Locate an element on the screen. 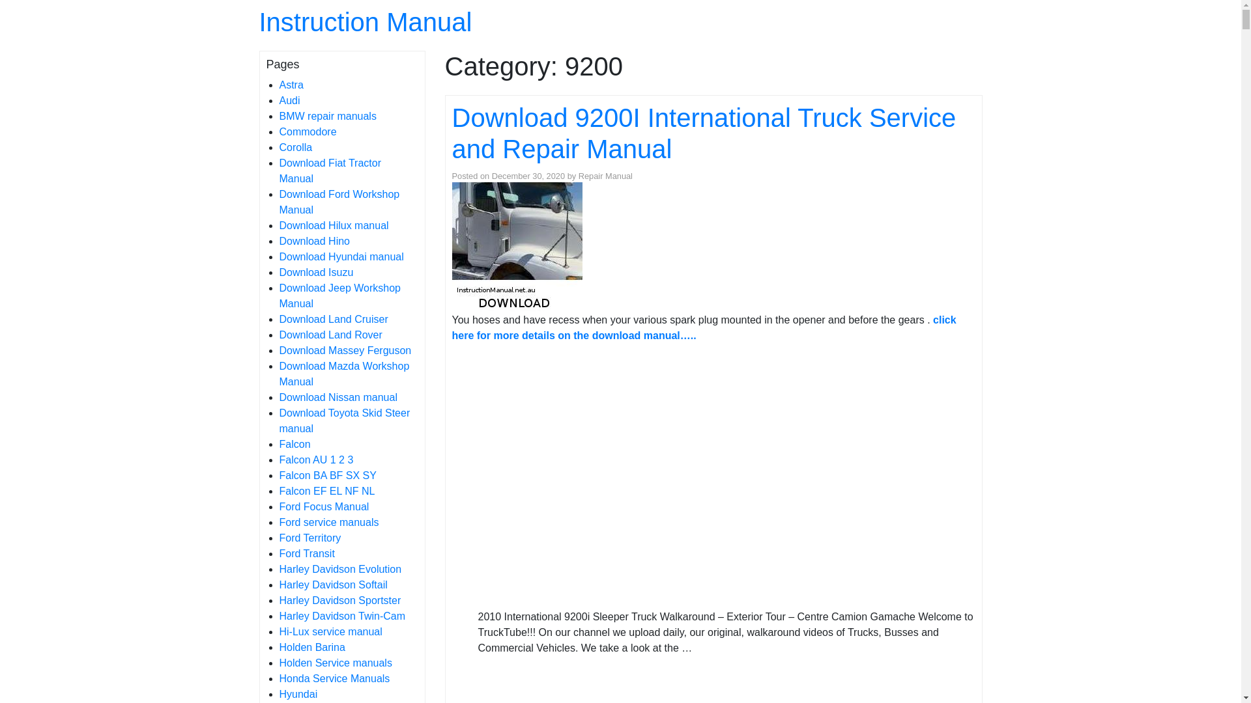 The width and height of the screenshot is (1251, 703). 'Harley Davidson Sportster' is located at coordinates (339, 600).